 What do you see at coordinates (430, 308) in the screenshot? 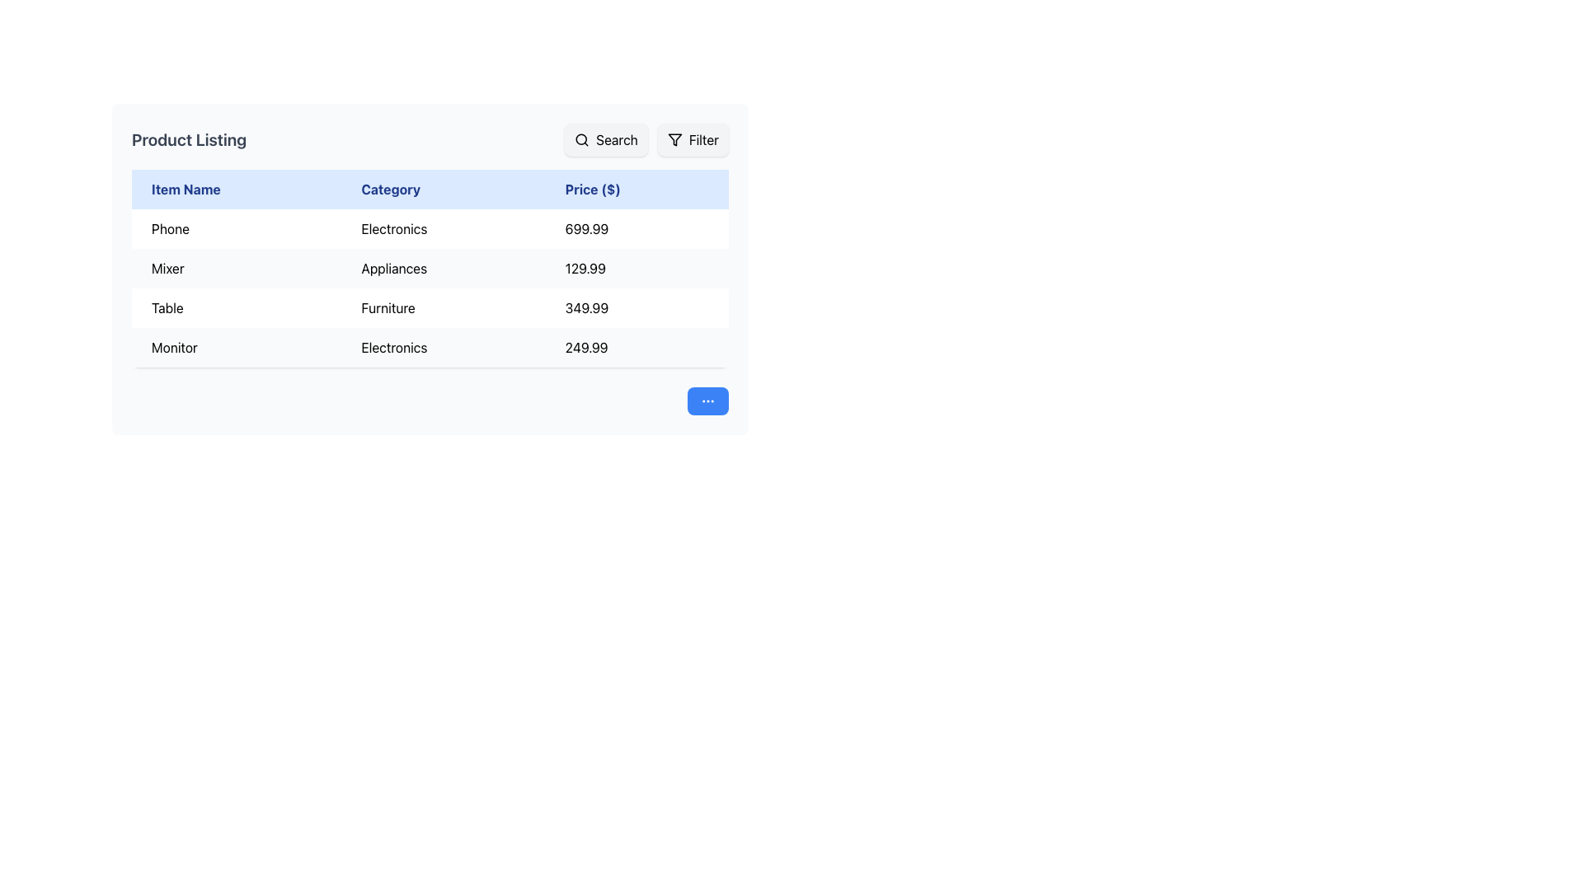
I see `information in the third row of the table displaying 'Table' as Item Name, 'Furniture' as Category, and '349.99' as Price` at bounding box center [430, 308].